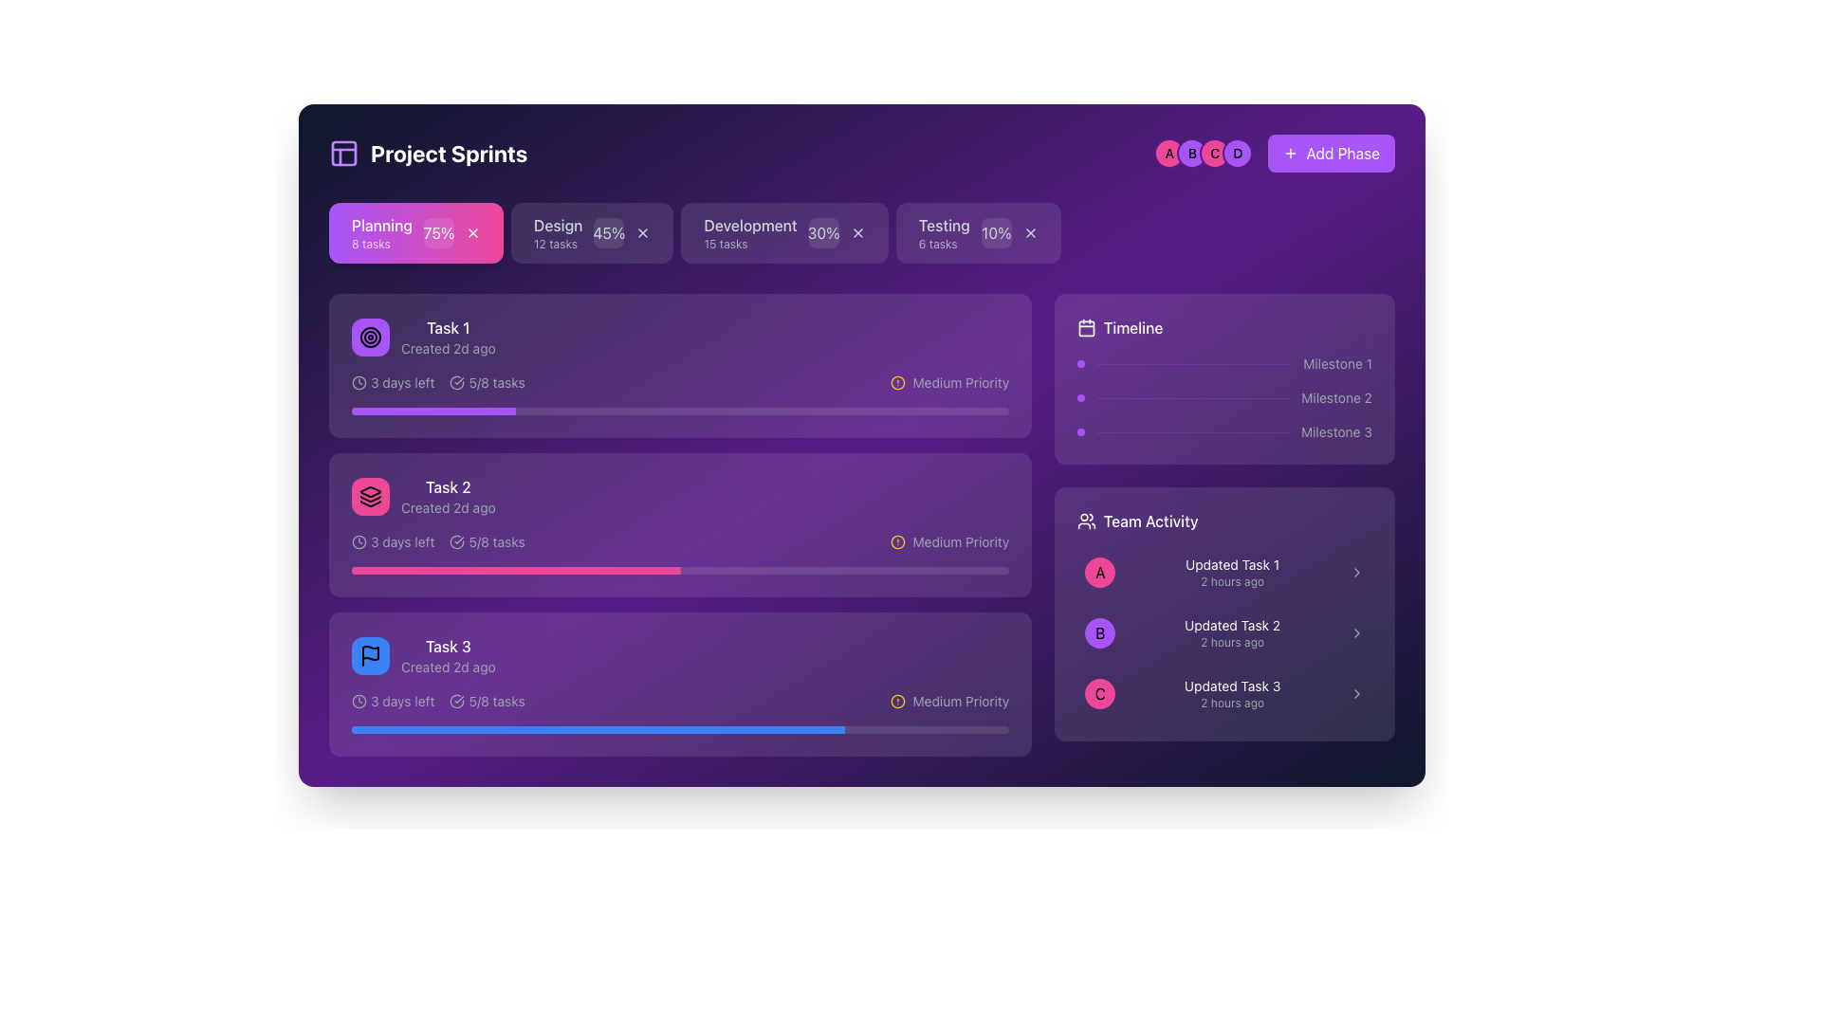  What do you see at coordinates (944, 232) in the screenshot?
I see `information displayed in the Label with a description, which shows 'Testing' and '6 tasks' in the upper-right section of the interface` at bounding box center [944, 232].